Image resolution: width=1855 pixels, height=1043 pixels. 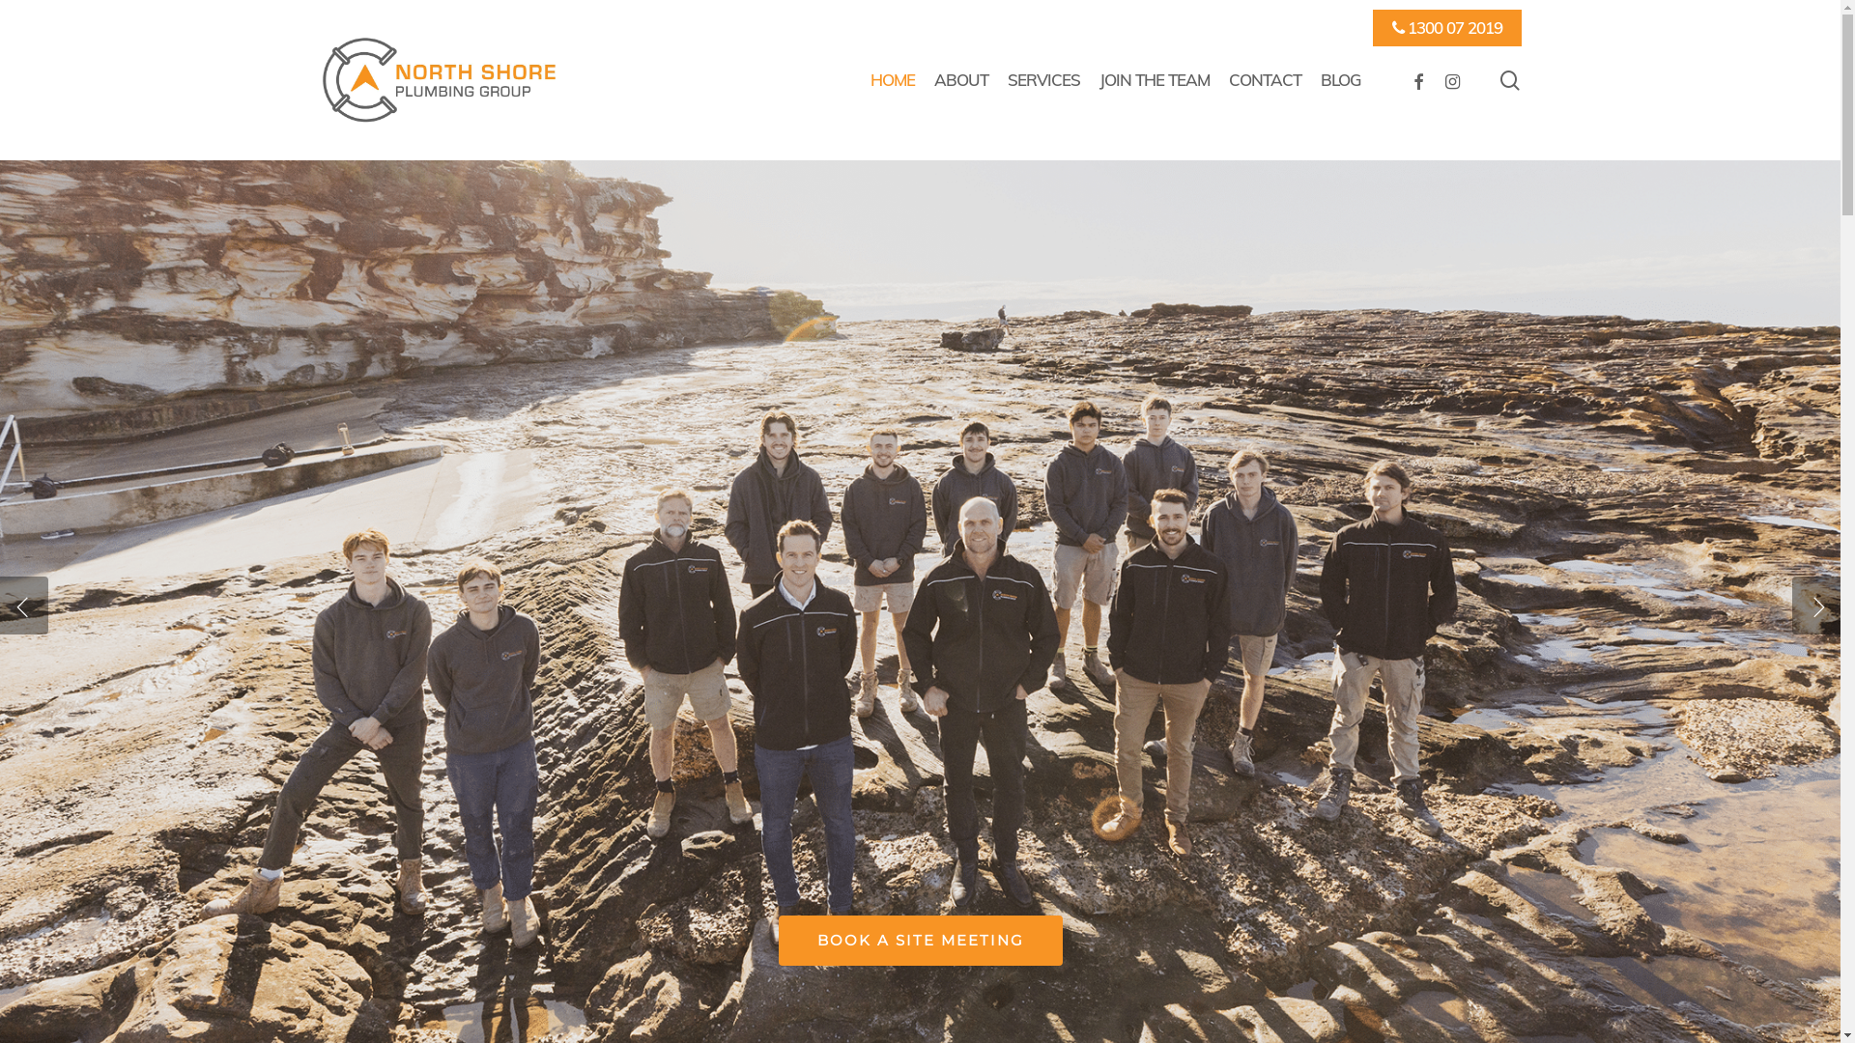 I want to click on 'JOIN THE TEAM', so click(x=1155, y=79).